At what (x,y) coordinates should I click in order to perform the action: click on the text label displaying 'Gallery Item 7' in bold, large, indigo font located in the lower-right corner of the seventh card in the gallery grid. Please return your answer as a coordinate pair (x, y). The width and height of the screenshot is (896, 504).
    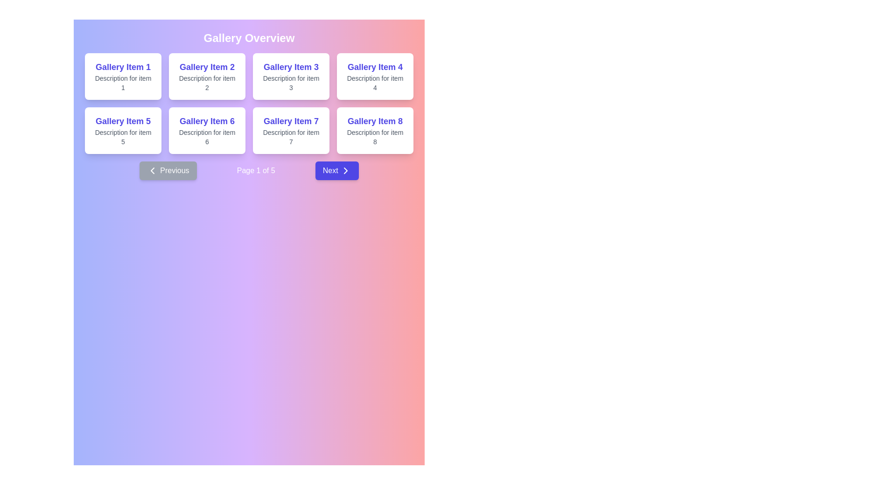
    Looking at the image, I should click on (291, 120).